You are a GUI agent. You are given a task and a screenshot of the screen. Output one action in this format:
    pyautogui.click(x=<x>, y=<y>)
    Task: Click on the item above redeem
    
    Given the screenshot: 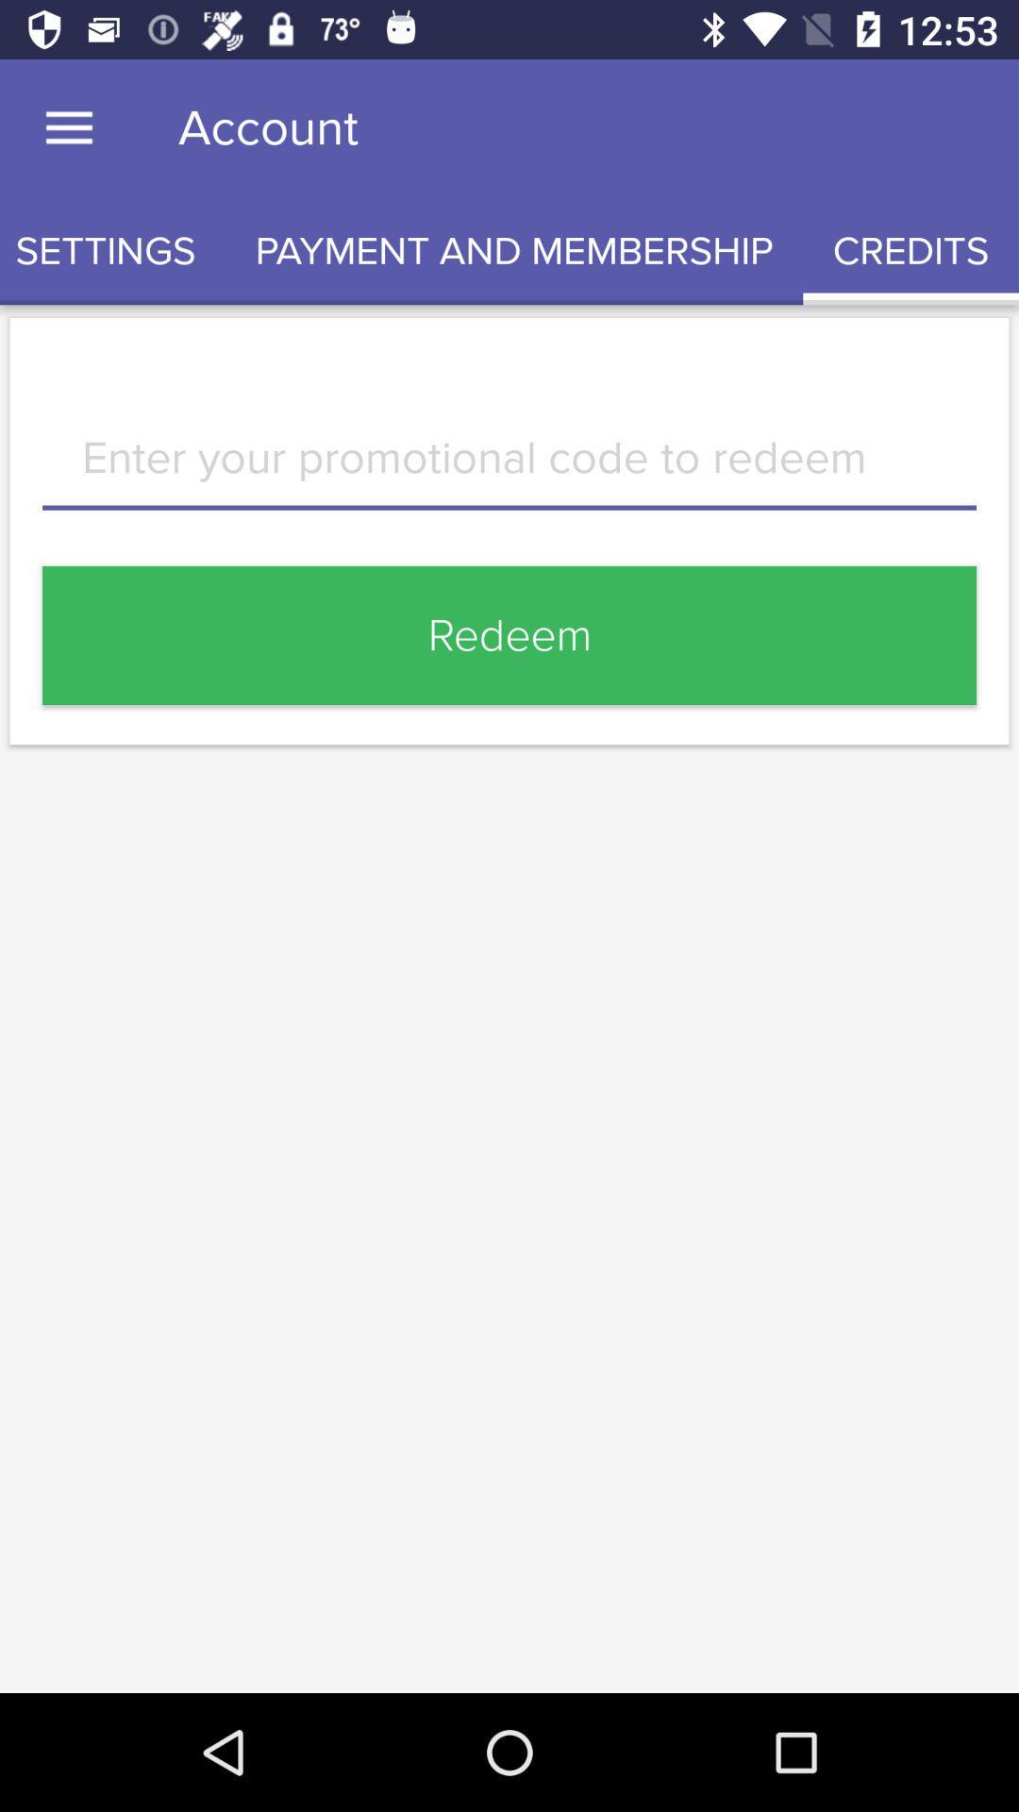 What is the action you would take?
    pyautogui.click(x=509, y=471)
    